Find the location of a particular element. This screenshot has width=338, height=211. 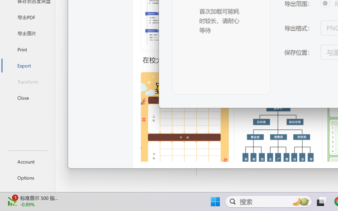

'Print' is located at coordinates (27, 49).